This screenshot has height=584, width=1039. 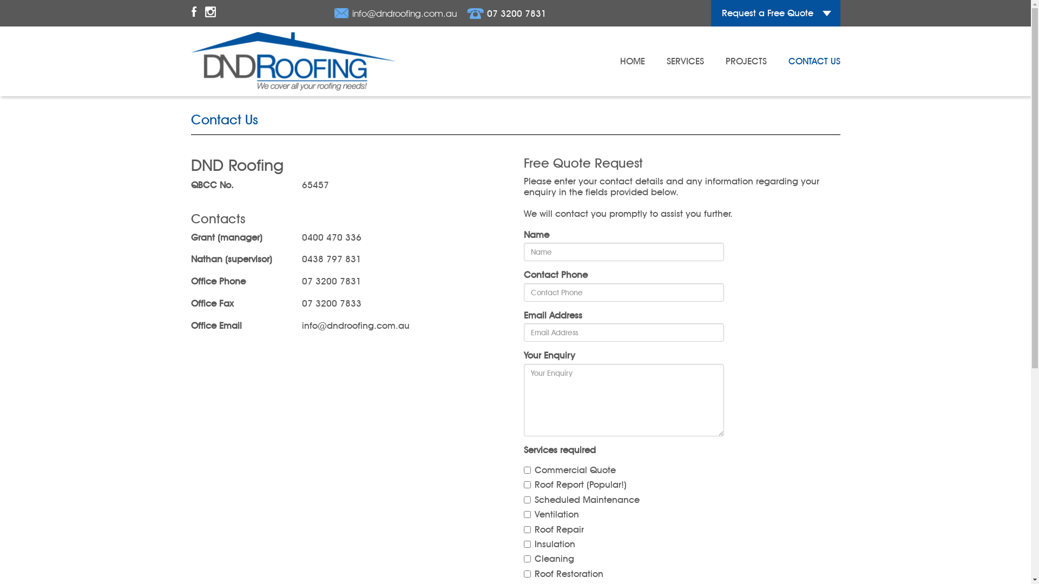 I want to click on 'SERVICES', so click(x=666, y=61).